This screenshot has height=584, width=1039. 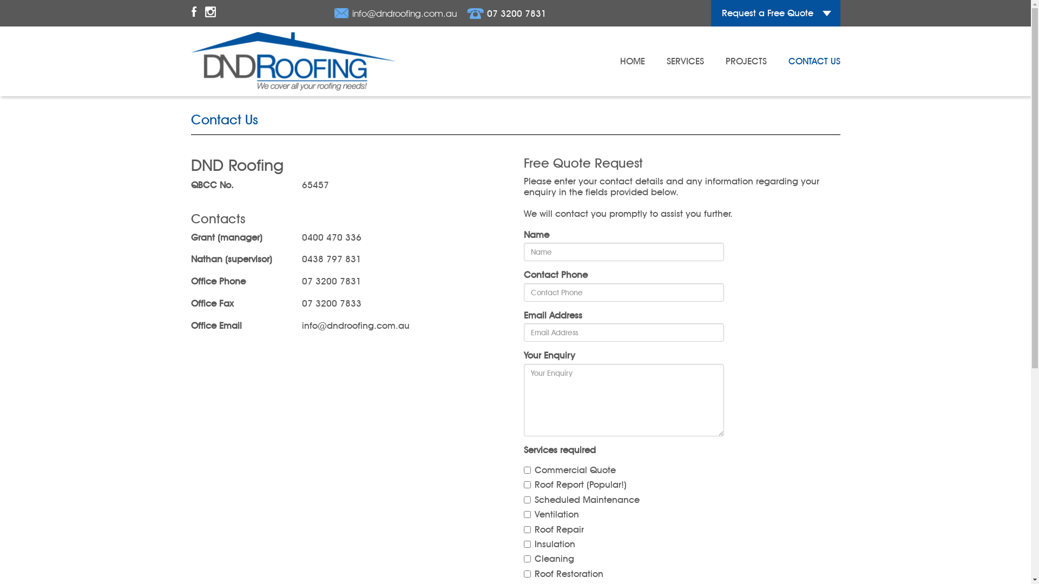 I want to click on 'SERVICES', so click(x=666, y=61).